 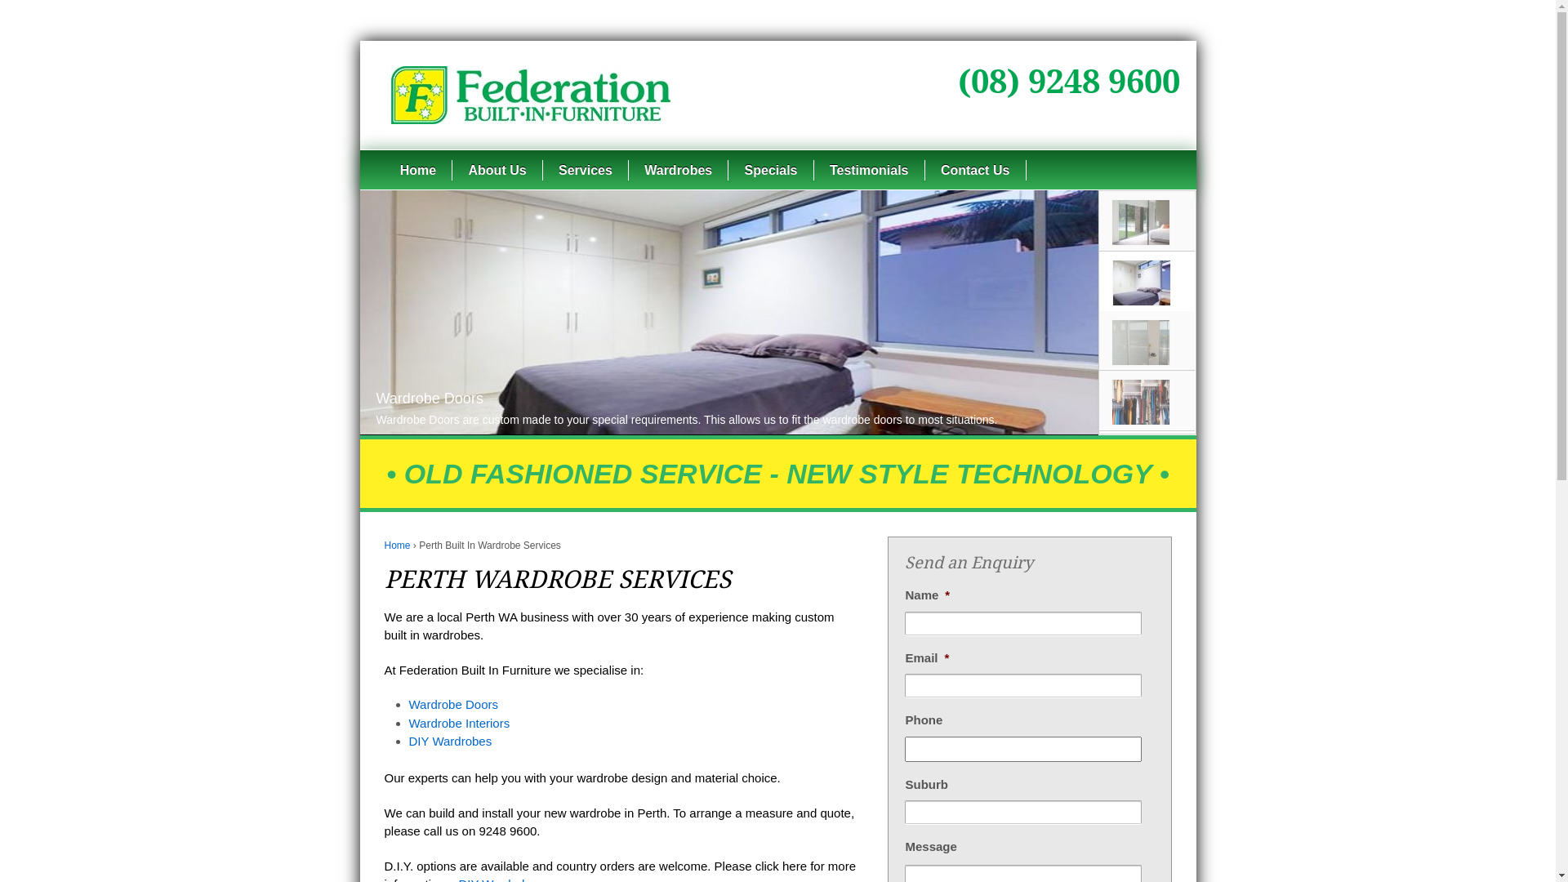 I want to click on '(08) 9248 9600', so click(x=1068, y=82).